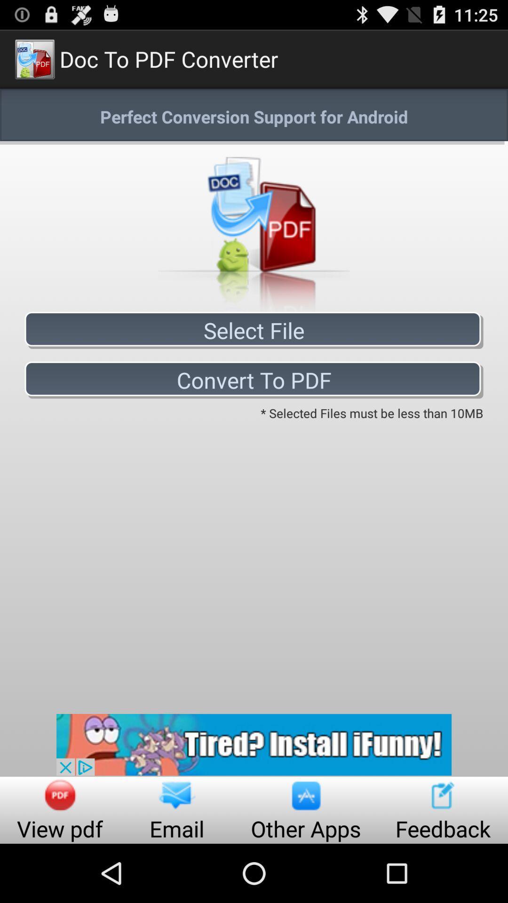  Describe the element at coordinates (254, 744) in the screenshot. I see `tired install funny` at that location.